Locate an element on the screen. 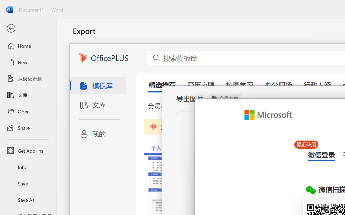 The height and width of the screenshot is (215, 345). 'New' is located at coordinates (28, 62).